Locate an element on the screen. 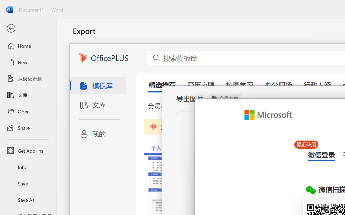 The height and width of the screenshot is (215, 345). 'New' is located at coordinates (28, 62).